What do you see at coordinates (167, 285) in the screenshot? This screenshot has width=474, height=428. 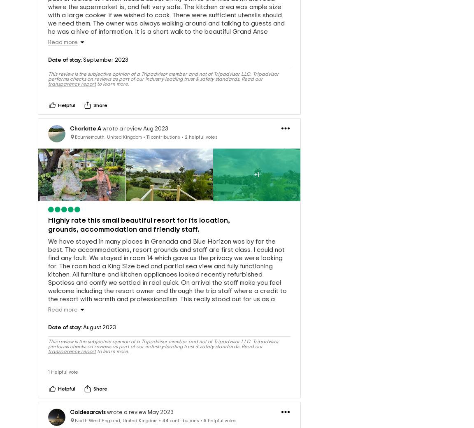 I see `'We have stayed in many places in Grenada and Blue Horizon was by far the best. The accommodations, resort grounds and staff are first class. I could not find any fault.  We stayed in room 14 which gave us the privacy we were looking for. The room had a King Size bed and partial sea view and fully functioning kitchen. All furniture and kitchen appliances looked recently refurbished. Spotless and comfy we settled in real quick. On arrival the staff make you feel welcome including the resort owner and through the trip staff where a credit to the resort with warmth and professionalism. This really stood out for us as a marker of a very well ram resort. The landscaped tropical gardens are incredible a real treat. You wouldn’t know how you central you are to everything Grand Anse had'` at bounding box center [167, 285].